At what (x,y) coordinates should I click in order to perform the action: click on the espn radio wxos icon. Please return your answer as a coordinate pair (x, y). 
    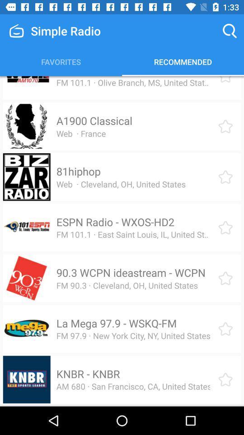
    Looking at the image, I should click on (115, 221).